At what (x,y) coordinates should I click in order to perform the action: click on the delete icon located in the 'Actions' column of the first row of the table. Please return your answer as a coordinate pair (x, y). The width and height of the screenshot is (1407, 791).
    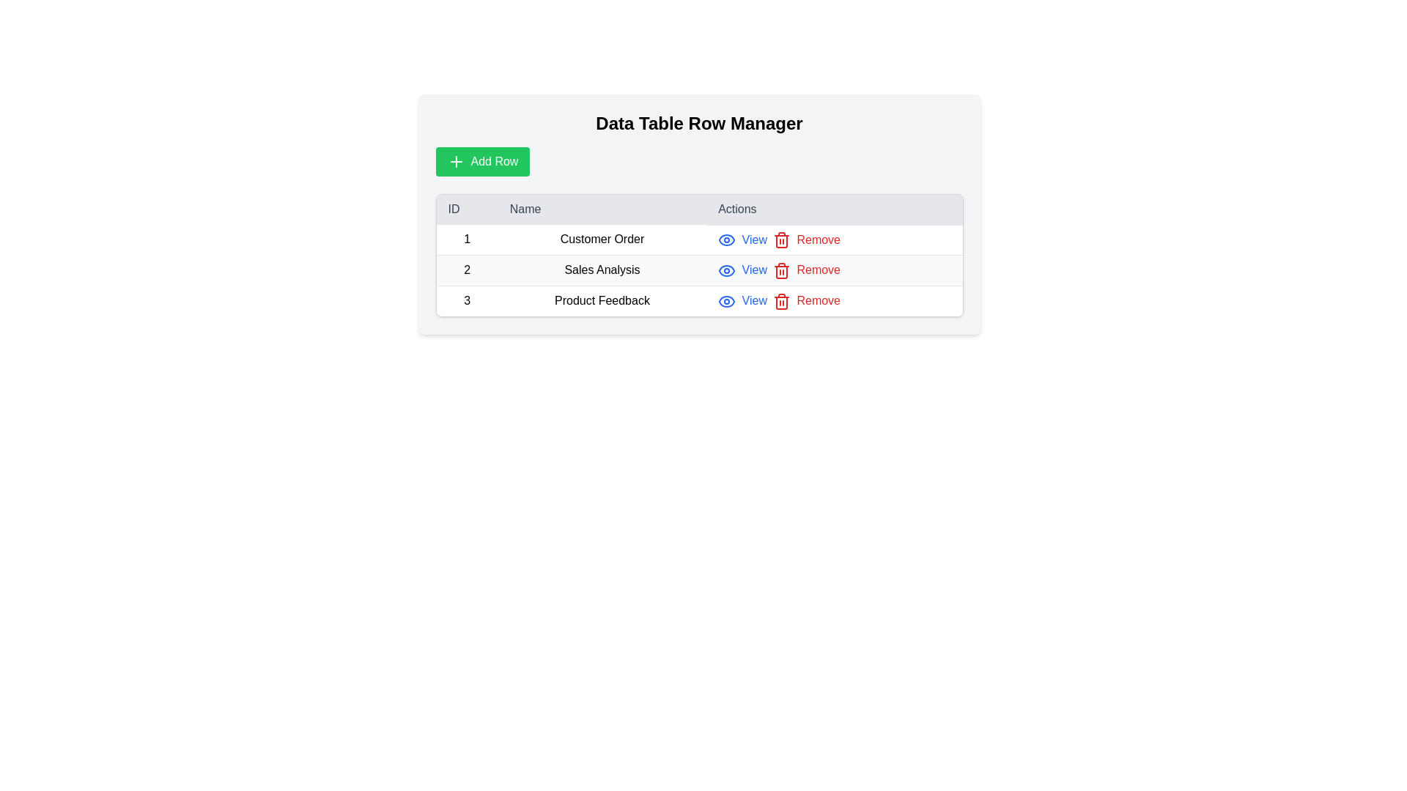
    Looking at the image, I should click on (780, 239).